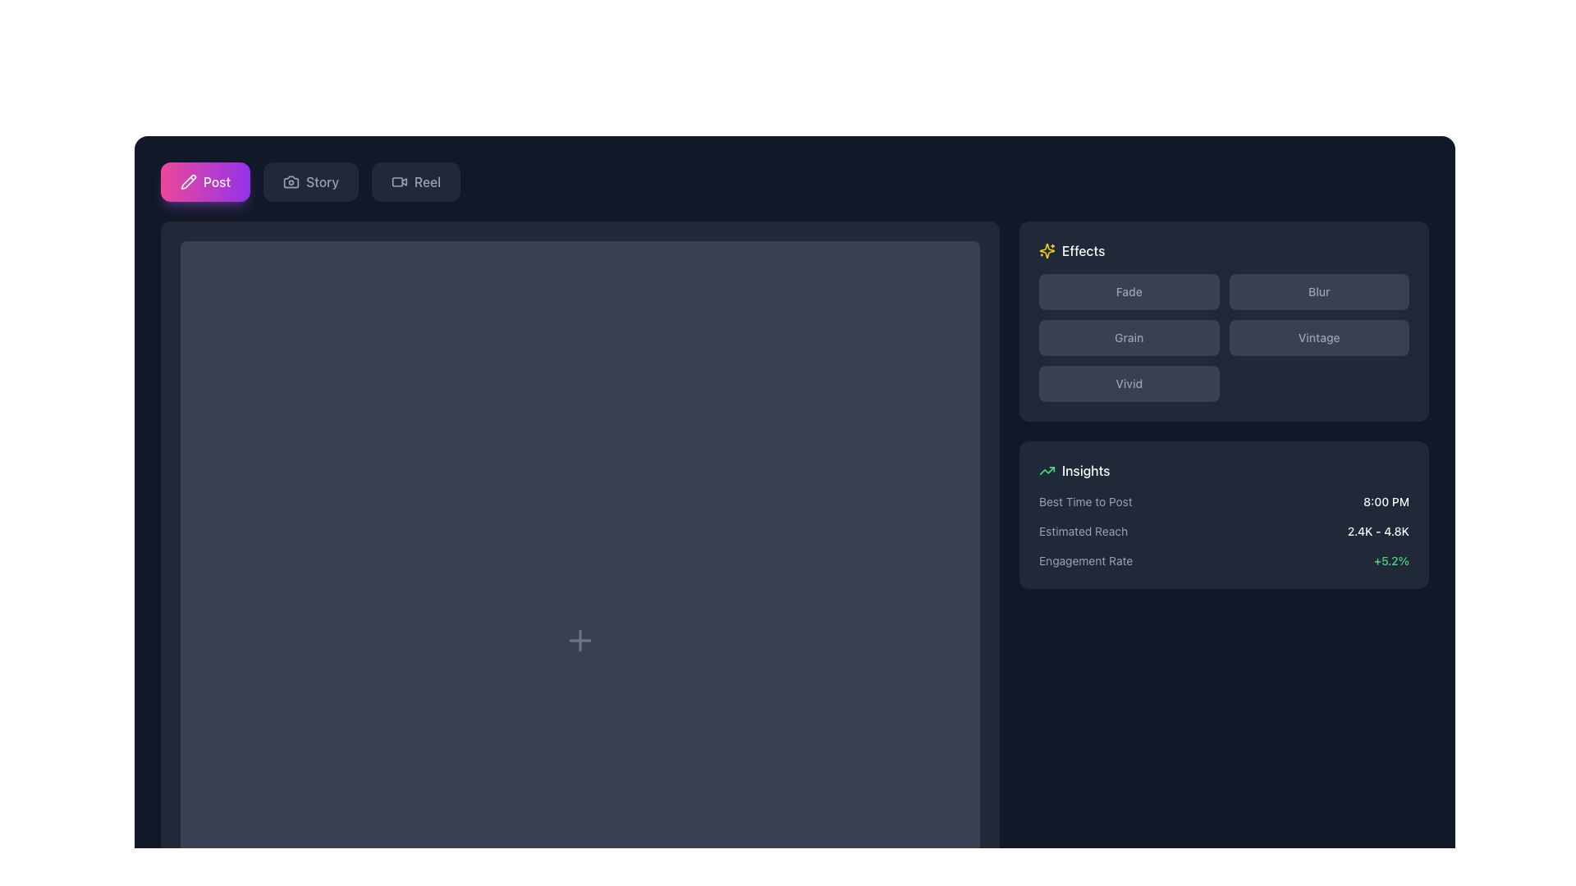  What do you see at coordinates (216, 182) in the screenshot?
I see `the 'Post' text area located in the top-left corner of the interface, styled in white on a gradient pink to purple rounded rectangle button` at bounding box center [216, 182].